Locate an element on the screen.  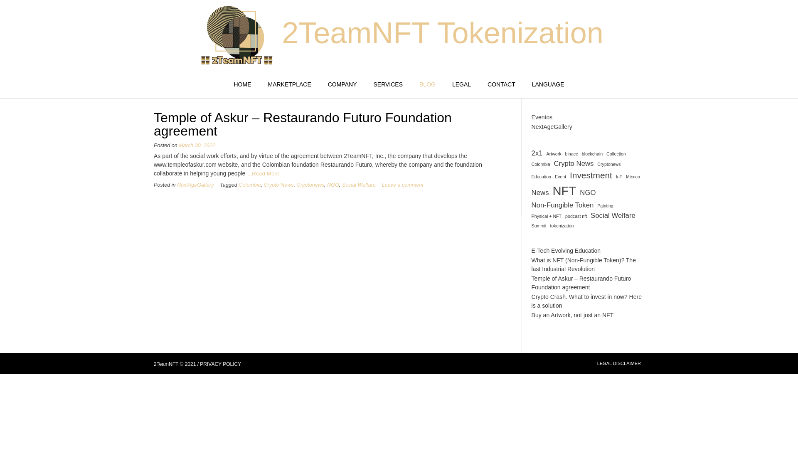
'2x1' is located at coordinates (537, 153).